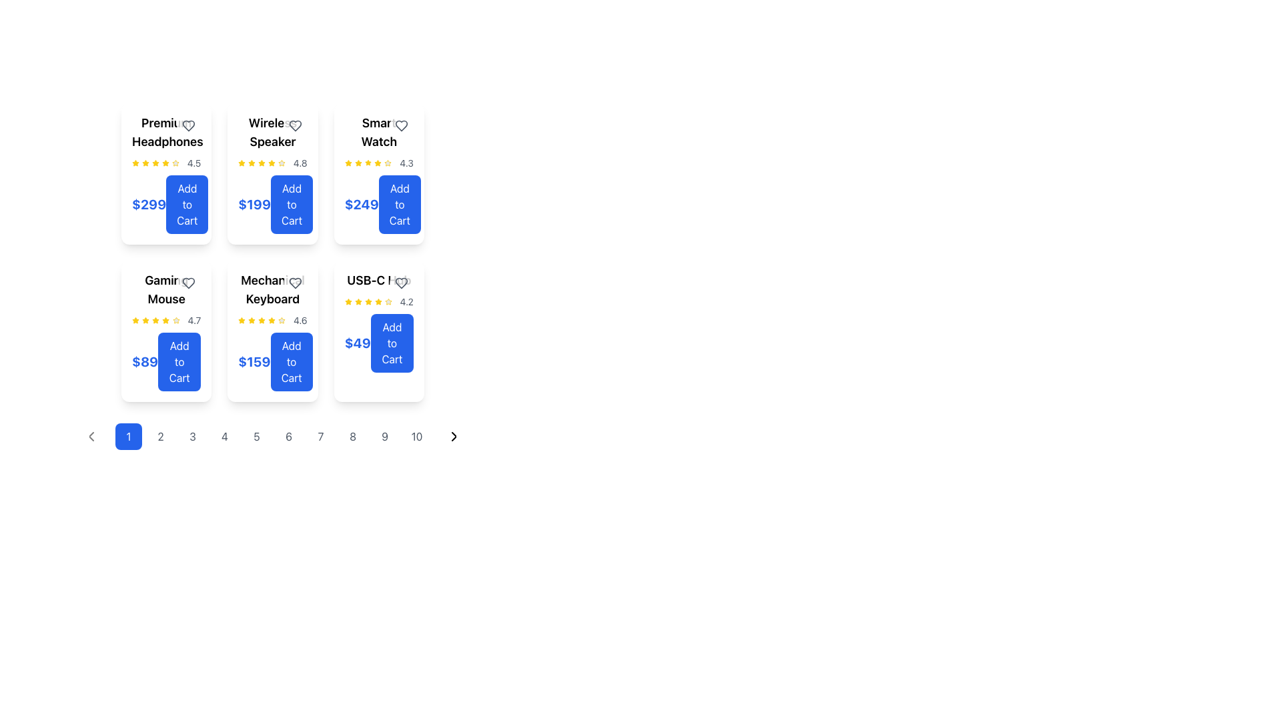 This screenshot has width=1281, height=720. I want to click on the third yellow star icon for rating in the product card layout of the 'Wireless Speaker', so click(242, 162).